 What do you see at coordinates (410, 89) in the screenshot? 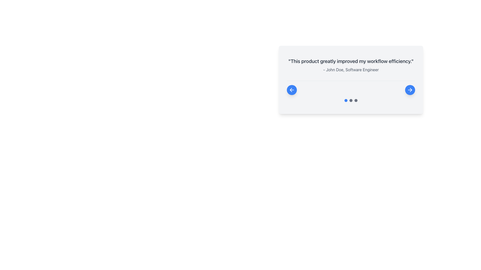
I see `the right-arrow icon button with a blue circular background` at bounding box center [410, 89].